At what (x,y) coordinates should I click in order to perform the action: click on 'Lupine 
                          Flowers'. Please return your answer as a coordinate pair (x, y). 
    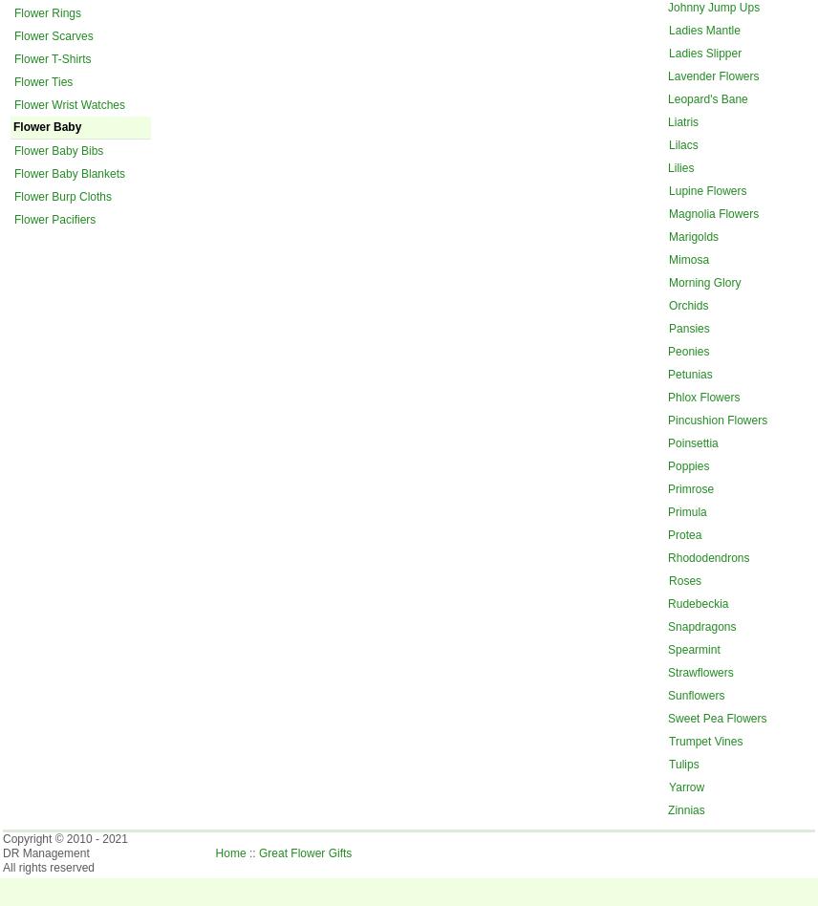
    Looking at the image, I should click on (707, 188).